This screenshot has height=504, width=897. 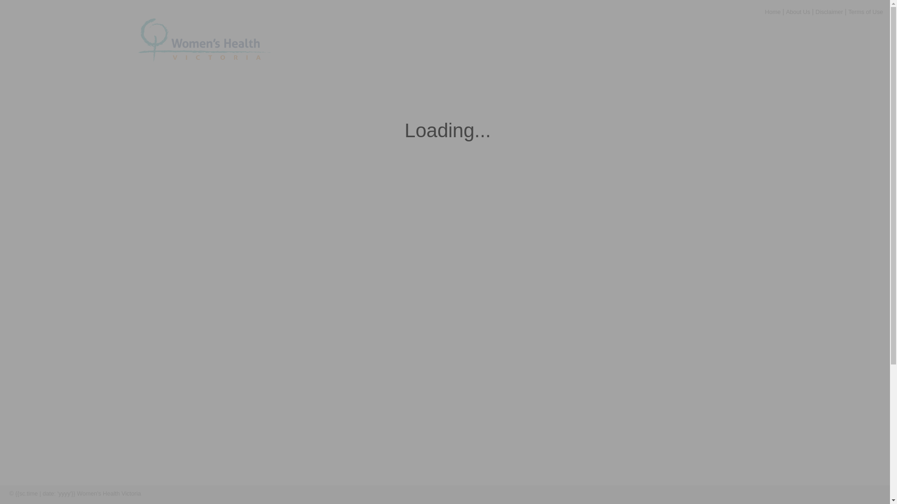 I want to click on 'Home', so click(x=773, y=12).